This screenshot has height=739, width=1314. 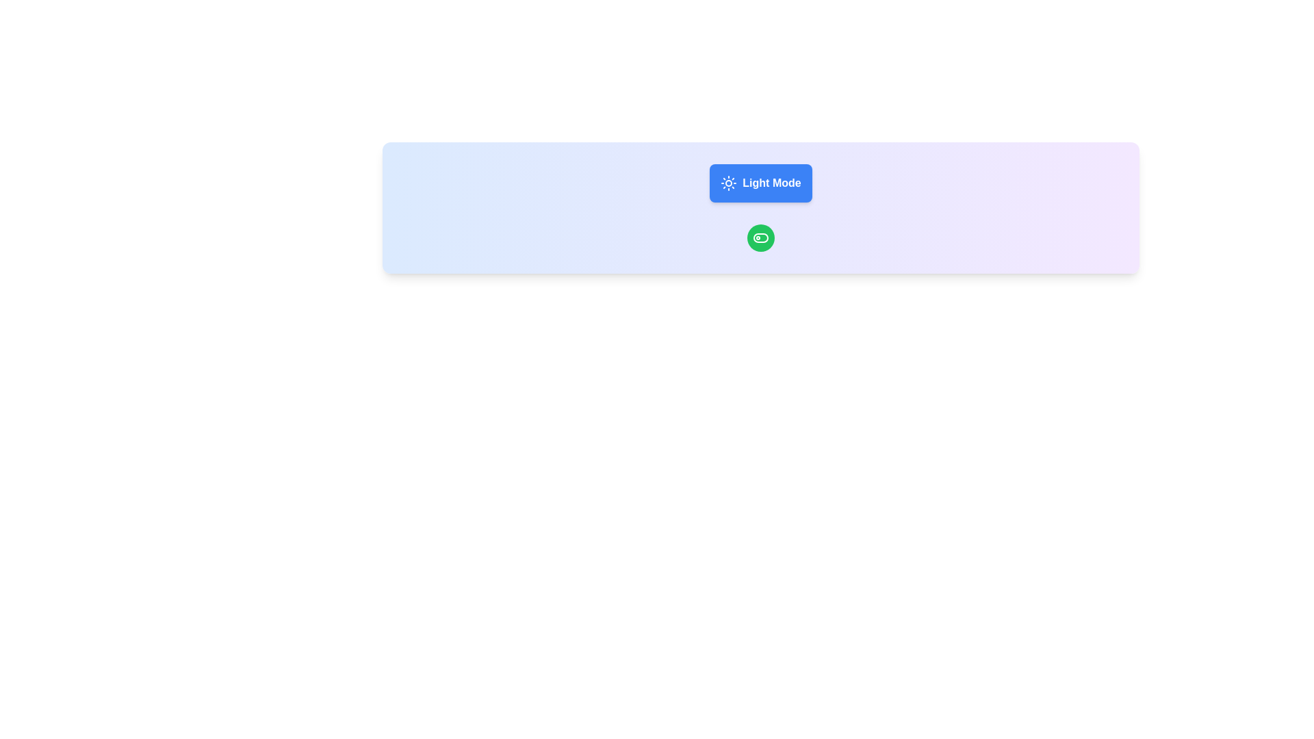 What do you see at coordinates (760, 182) in the screenshot?
I see `the central toggle button with a gradient background` at bounding box center [760, 182].